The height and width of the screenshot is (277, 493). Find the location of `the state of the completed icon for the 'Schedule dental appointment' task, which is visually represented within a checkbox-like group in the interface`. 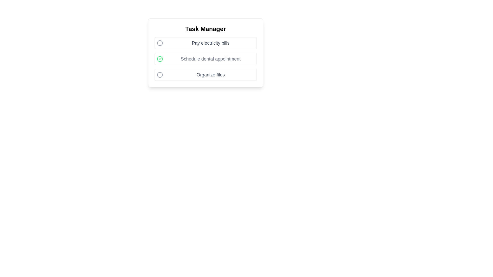

the state of the completed icon for the 'Schedule dental appointment' task, which is visually represented within a checkbox-like group in the interface is located at coordinates (160, 58).